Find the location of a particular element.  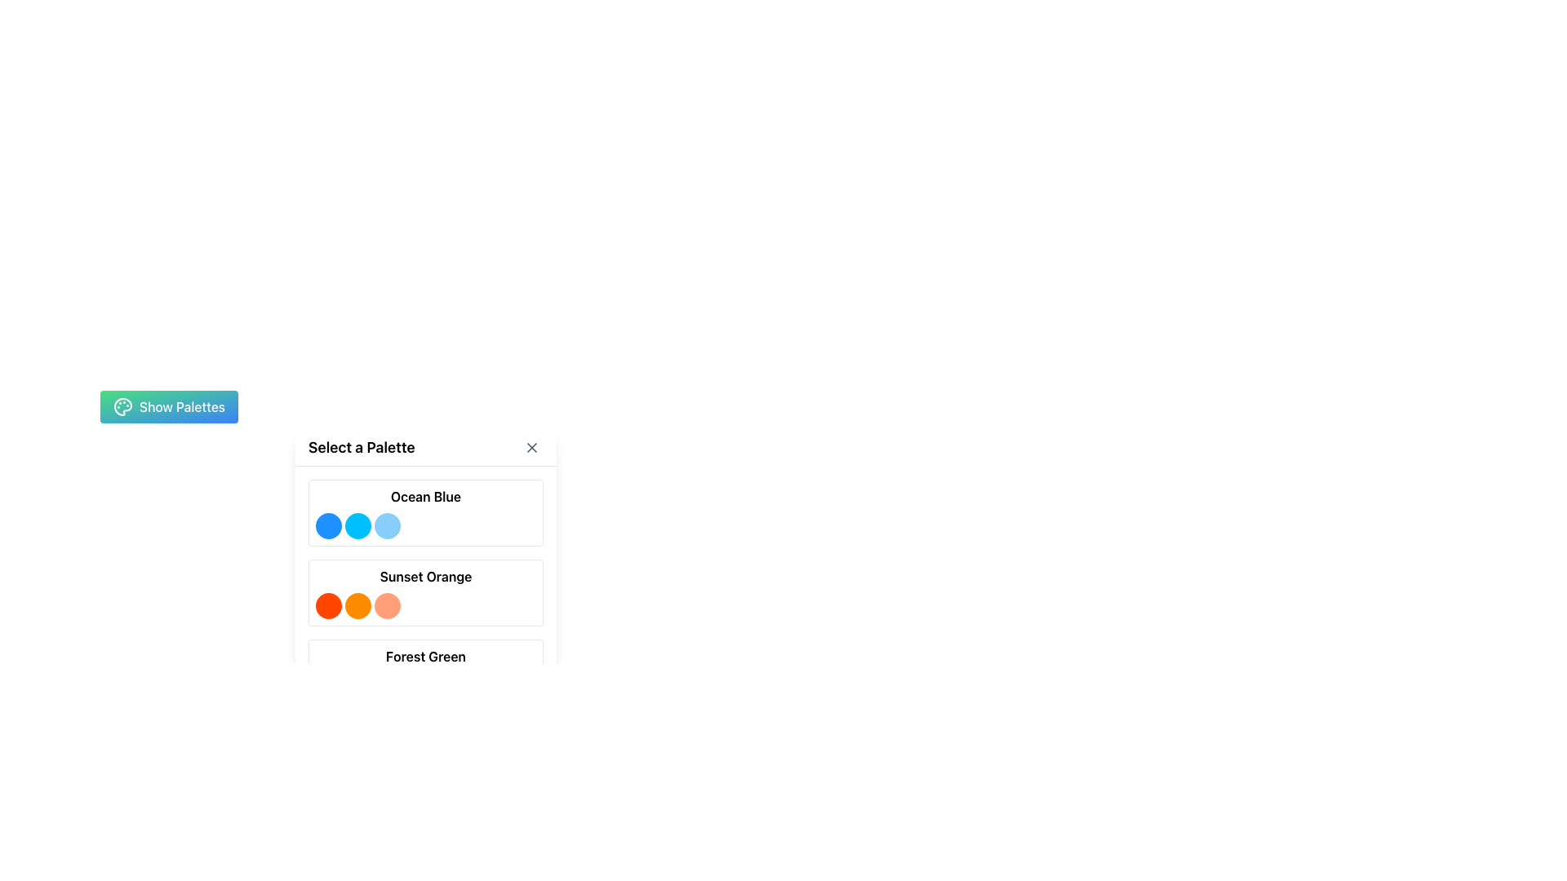

the decorative icon located at the leftmost area inside the 'Show Palettes' button, which visually indicates the purpose of the button is located at coordinates (122, 405).